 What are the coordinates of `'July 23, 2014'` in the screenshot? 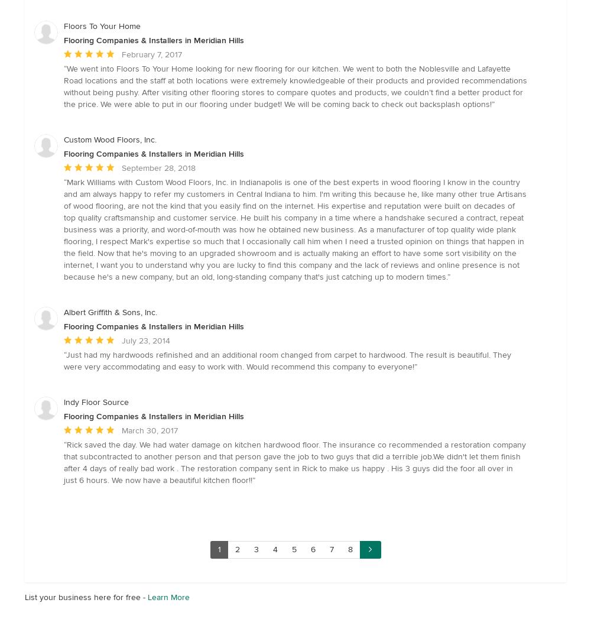 It's located at (121, 340).